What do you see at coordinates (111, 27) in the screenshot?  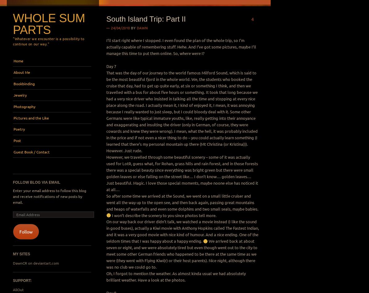 I see `'24/04/2010'` at bounding box center [111, 27].